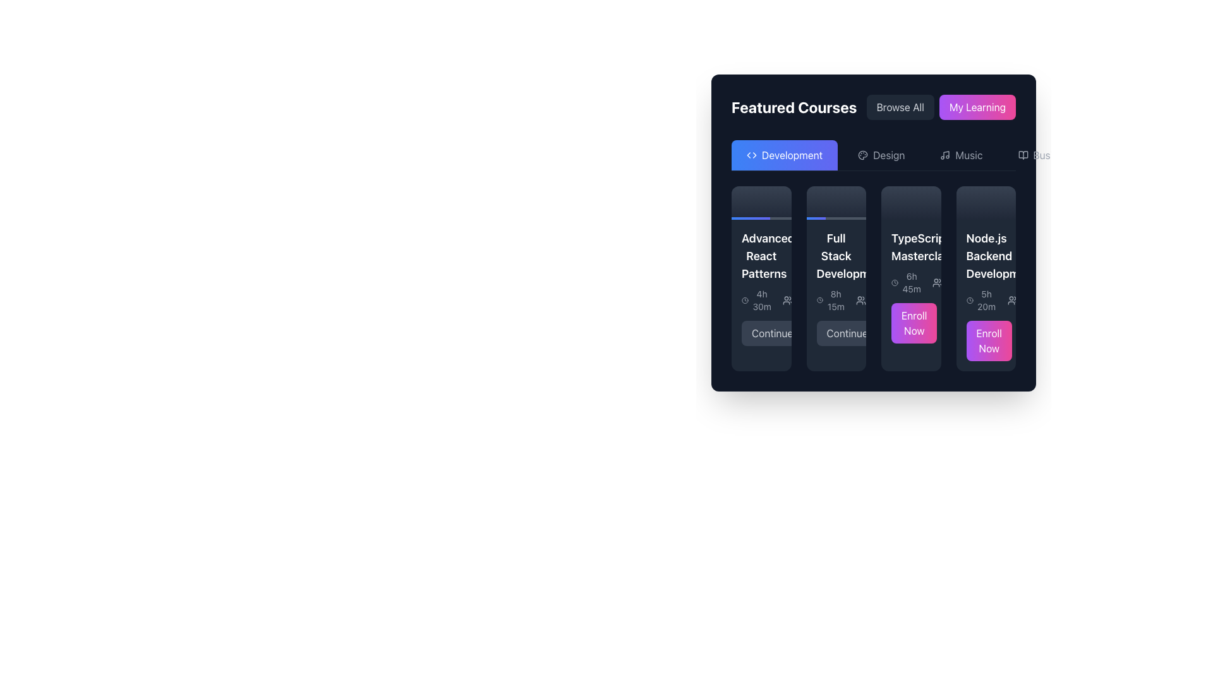  What do you see at coordinates (757, 301) in the screenshot?
I see `the text '4h 30m' with the gray clock icon located in the lower left quadrant of the 'Advanced React Patterns' card in the 'Development' tab of the 'Featured Courses' section` at bounding box center [757, 301].